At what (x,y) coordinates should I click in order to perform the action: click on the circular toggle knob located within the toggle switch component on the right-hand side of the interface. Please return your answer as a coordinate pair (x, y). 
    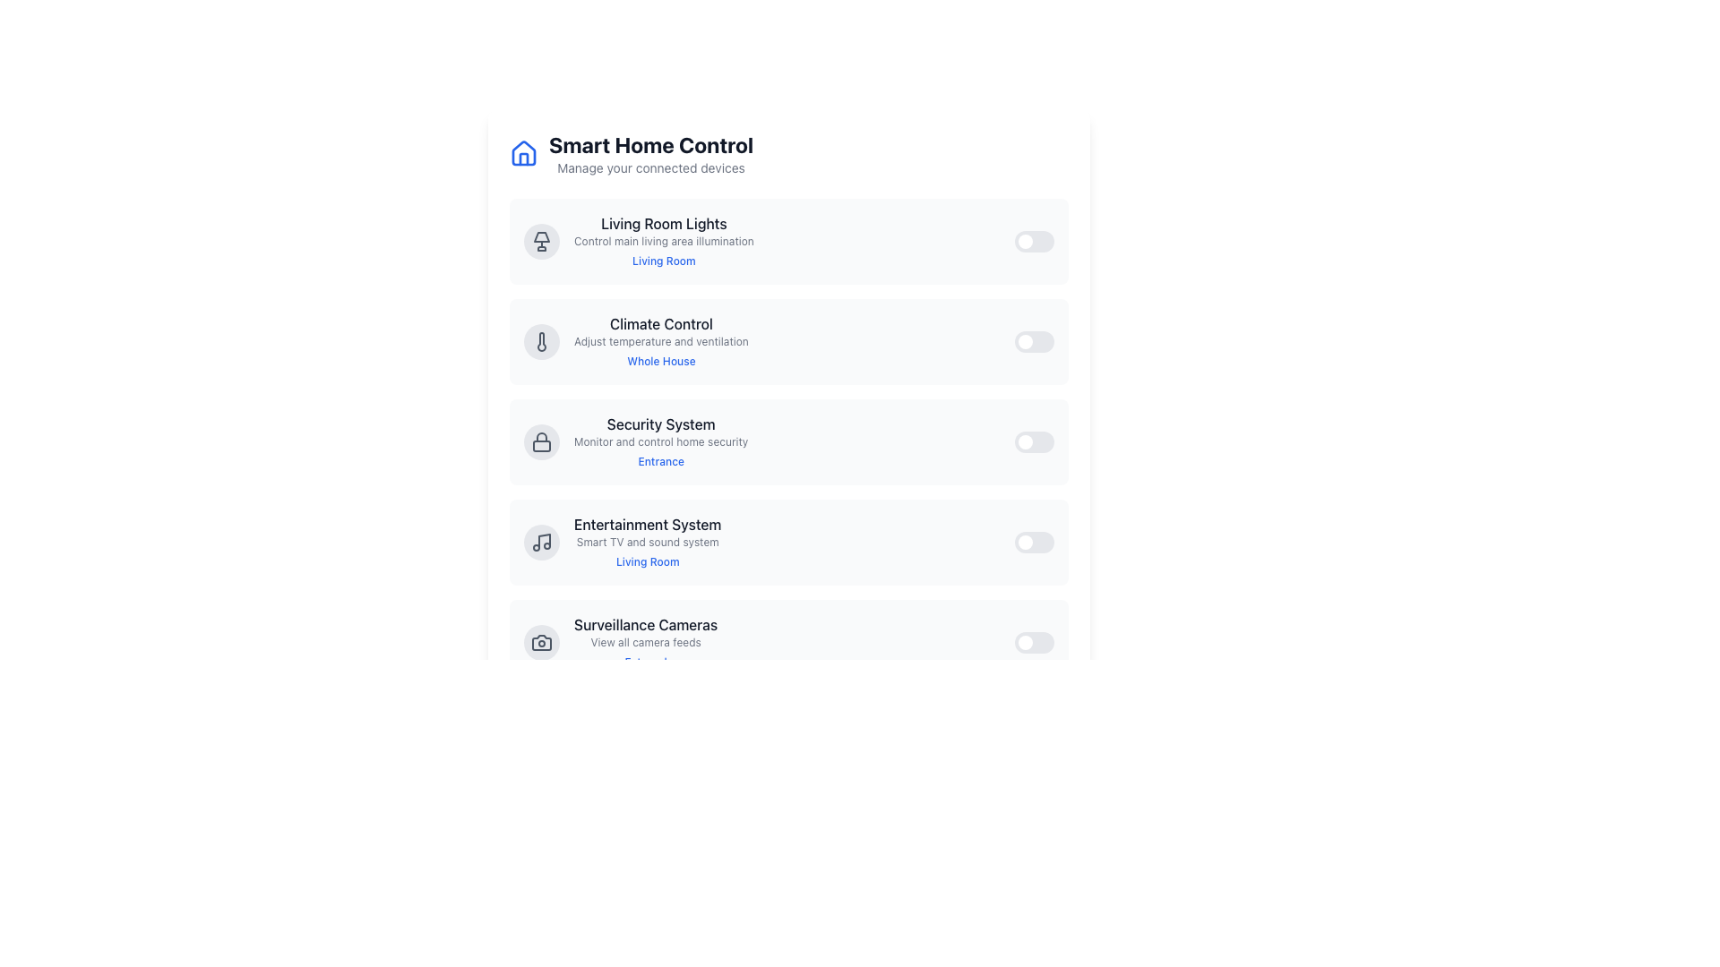
    Looking at the image, I should click on (1026, 742).